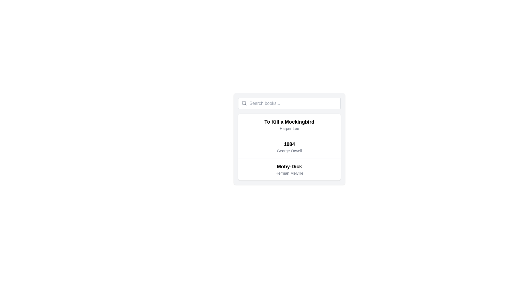 This screenshot has width=531, height=298. I want to click on the list item representing the book 'Moby-Dick' by Herman Melville, which is the third item in the vertical list, so click(289, 169).